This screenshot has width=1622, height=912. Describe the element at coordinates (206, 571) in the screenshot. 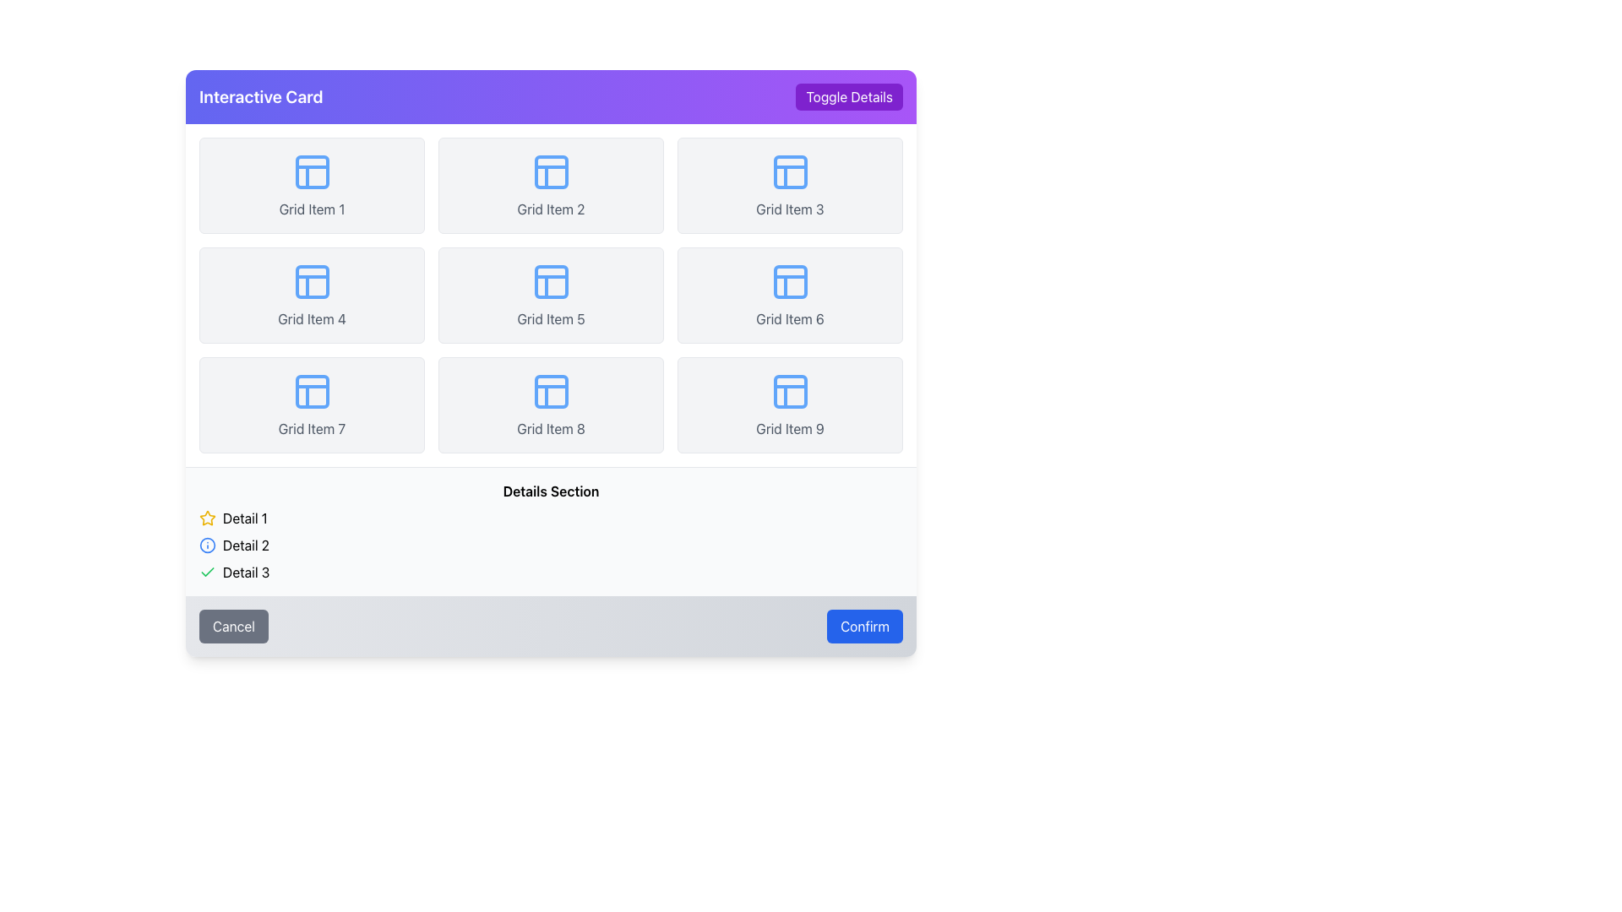

I see `the state of the checkmark icon that indicates 'Detail 2' is confirmed or selected, located in the second row of the details section` at that location.